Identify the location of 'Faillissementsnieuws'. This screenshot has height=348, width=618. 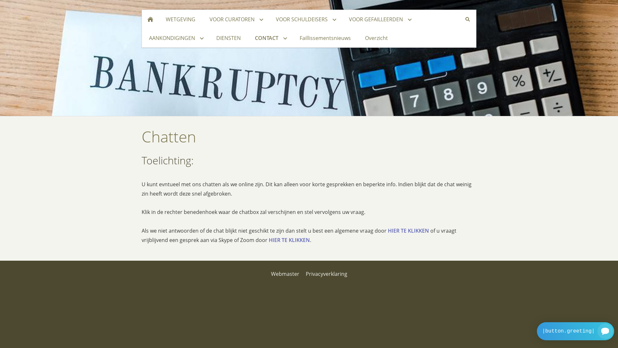
(325, 38).